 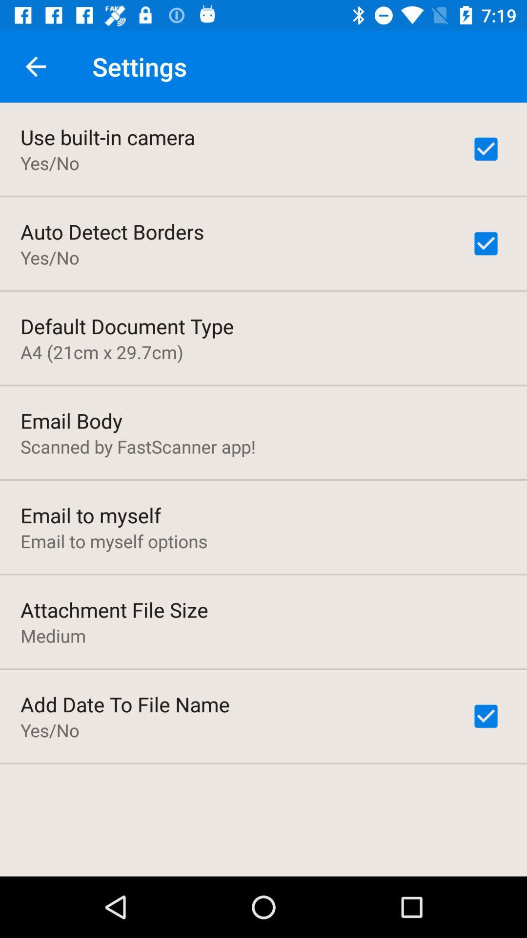 What do you see at coordinates (71, 420) in the screenshot?
I see `email body item` at bounding box center [71, 420].